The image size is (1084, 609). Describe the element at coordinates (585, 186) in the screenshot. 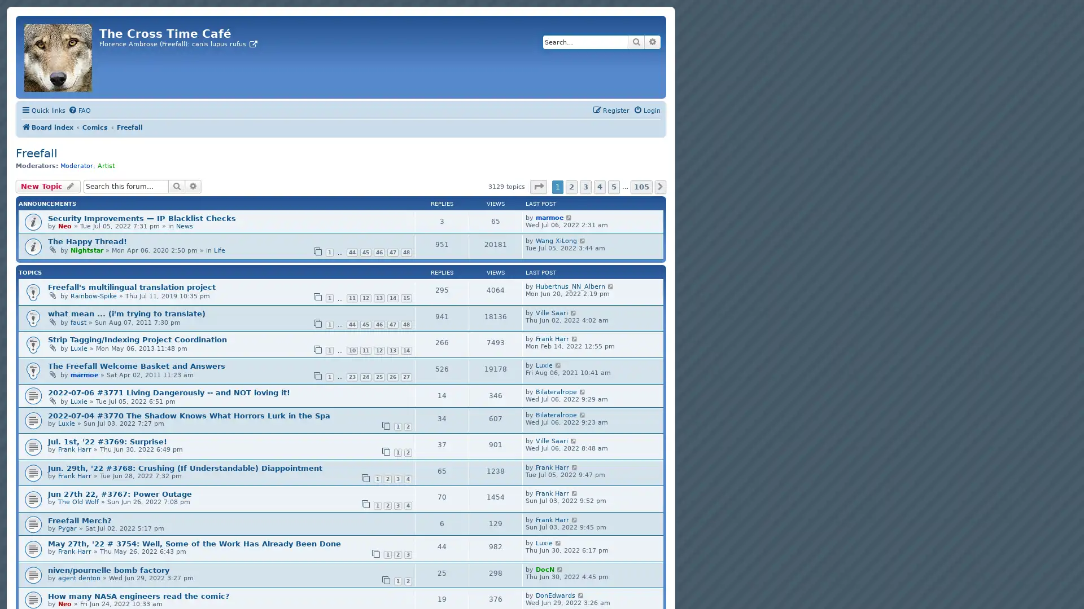

I see `3` at that location.